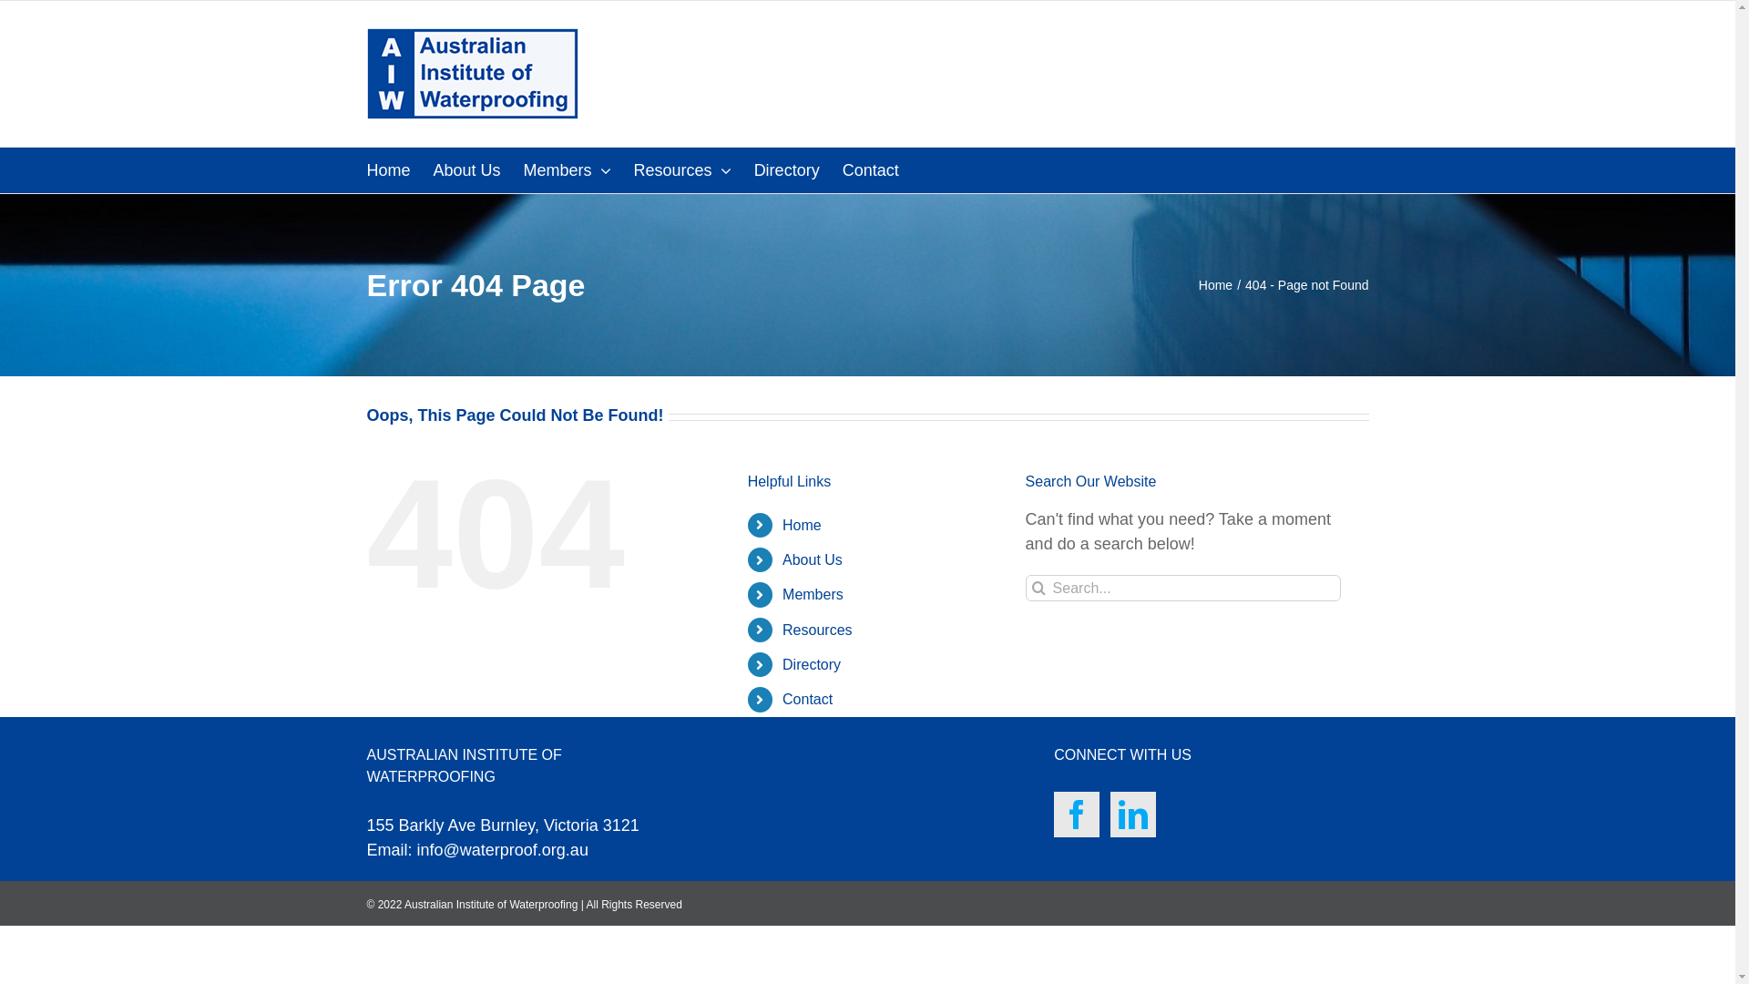 Image resolution: width=1749 pixels, height=984 pixels. What do you see at coordinates (782, 629) in the screenshot?
I see `'Resources'` at bounding box center [782, 629].